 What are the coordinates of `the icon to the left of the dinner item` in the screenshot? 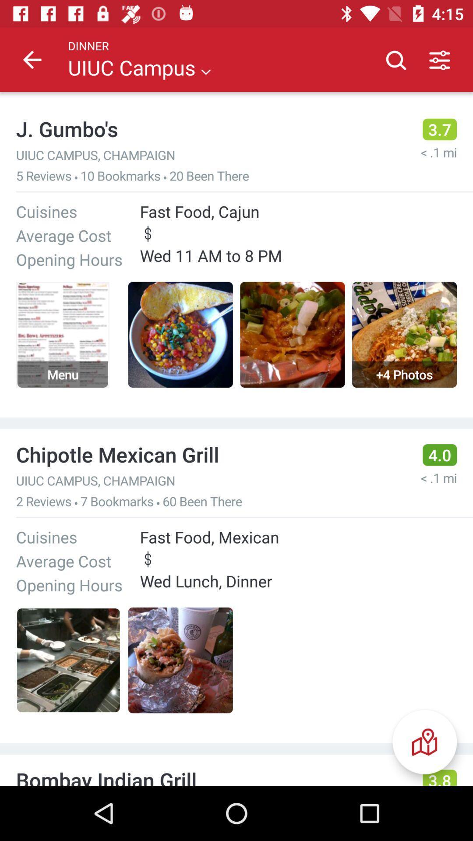 It's located at (32, 59).